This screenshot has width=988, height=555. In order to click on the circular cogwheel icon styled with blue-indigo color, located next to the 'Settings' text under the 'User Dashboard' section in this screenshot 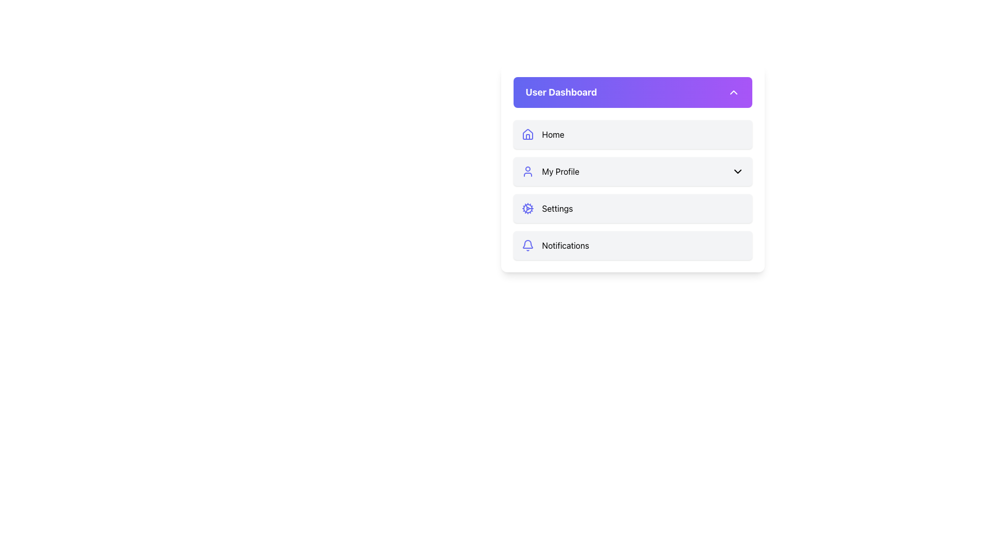, I will do `click(527, 208)`.